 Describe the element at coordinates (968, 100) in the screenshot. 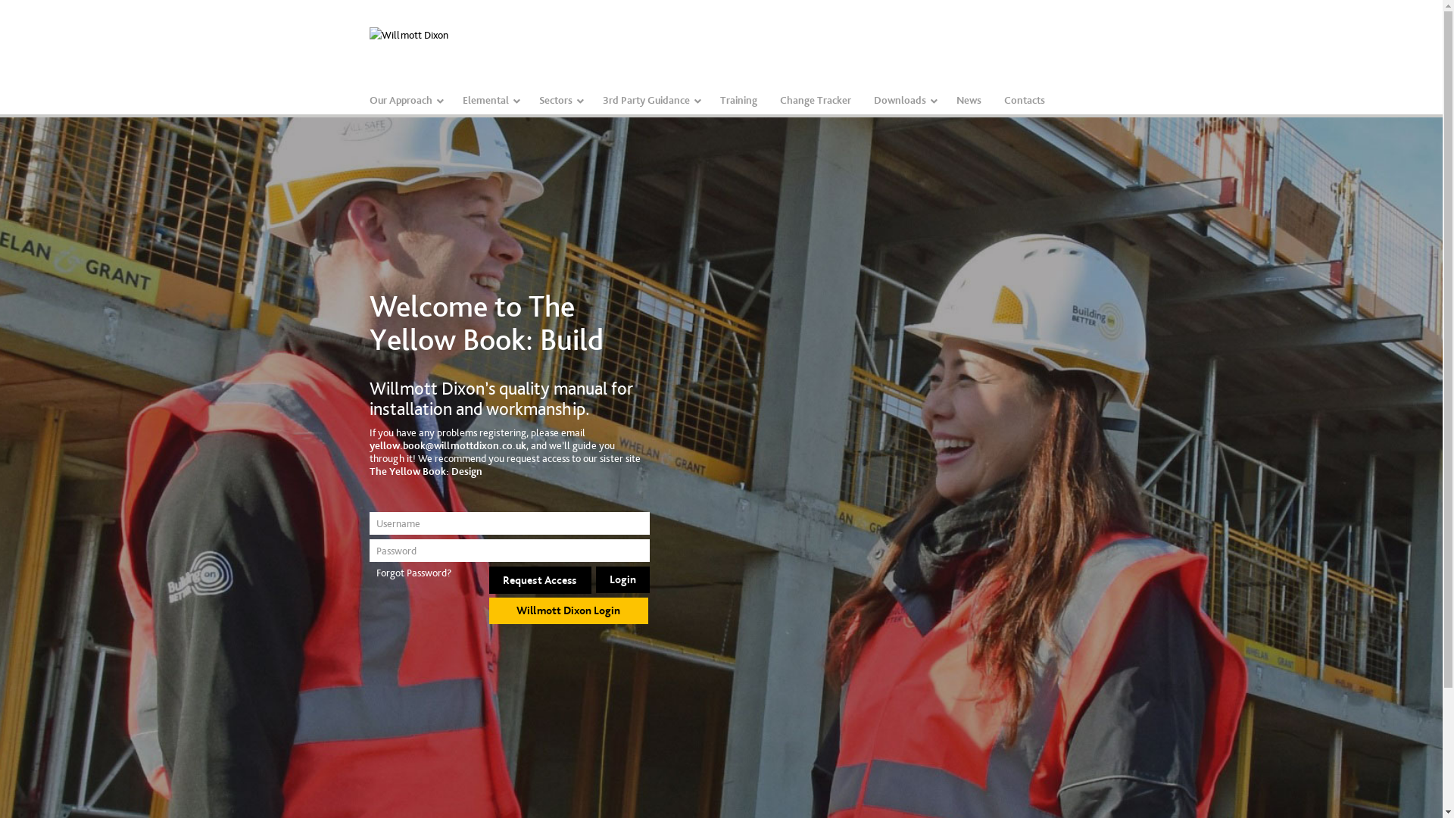

I see `'News'` at that location.